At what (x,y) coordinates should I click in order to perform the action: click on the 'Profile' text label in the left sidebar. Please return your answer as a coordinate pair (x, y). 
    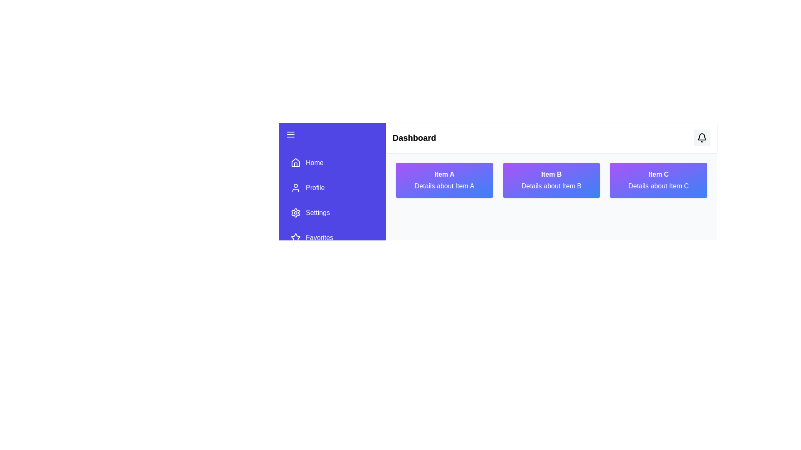
    Looking at the image, I should click on (315, 188).